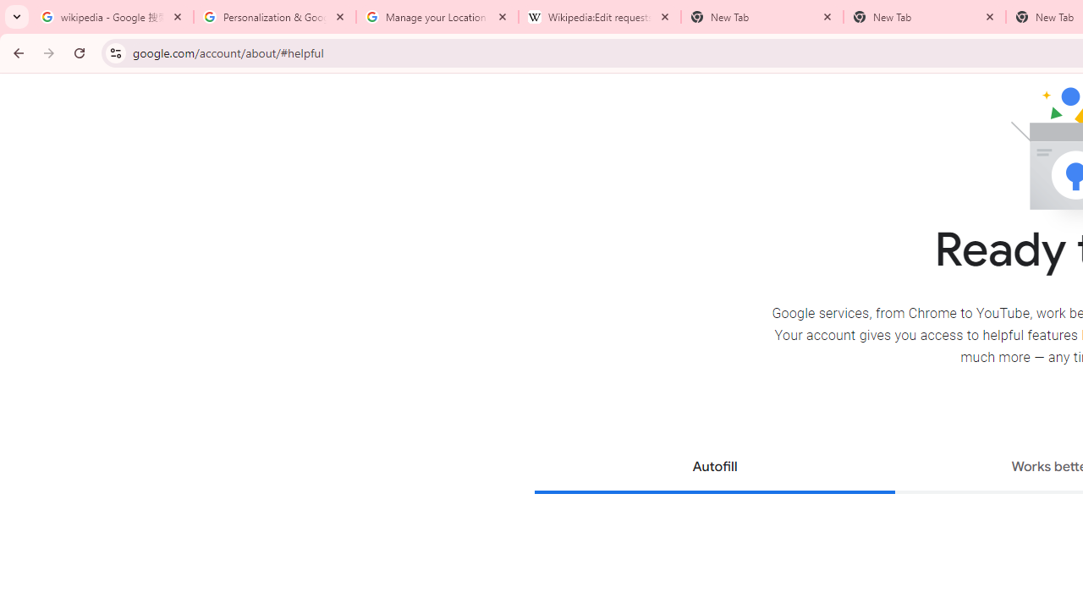  What do you see at coordinates (714, 469) in the screenshot?
I see `'Autofill'` at bounding box center [714, 469].